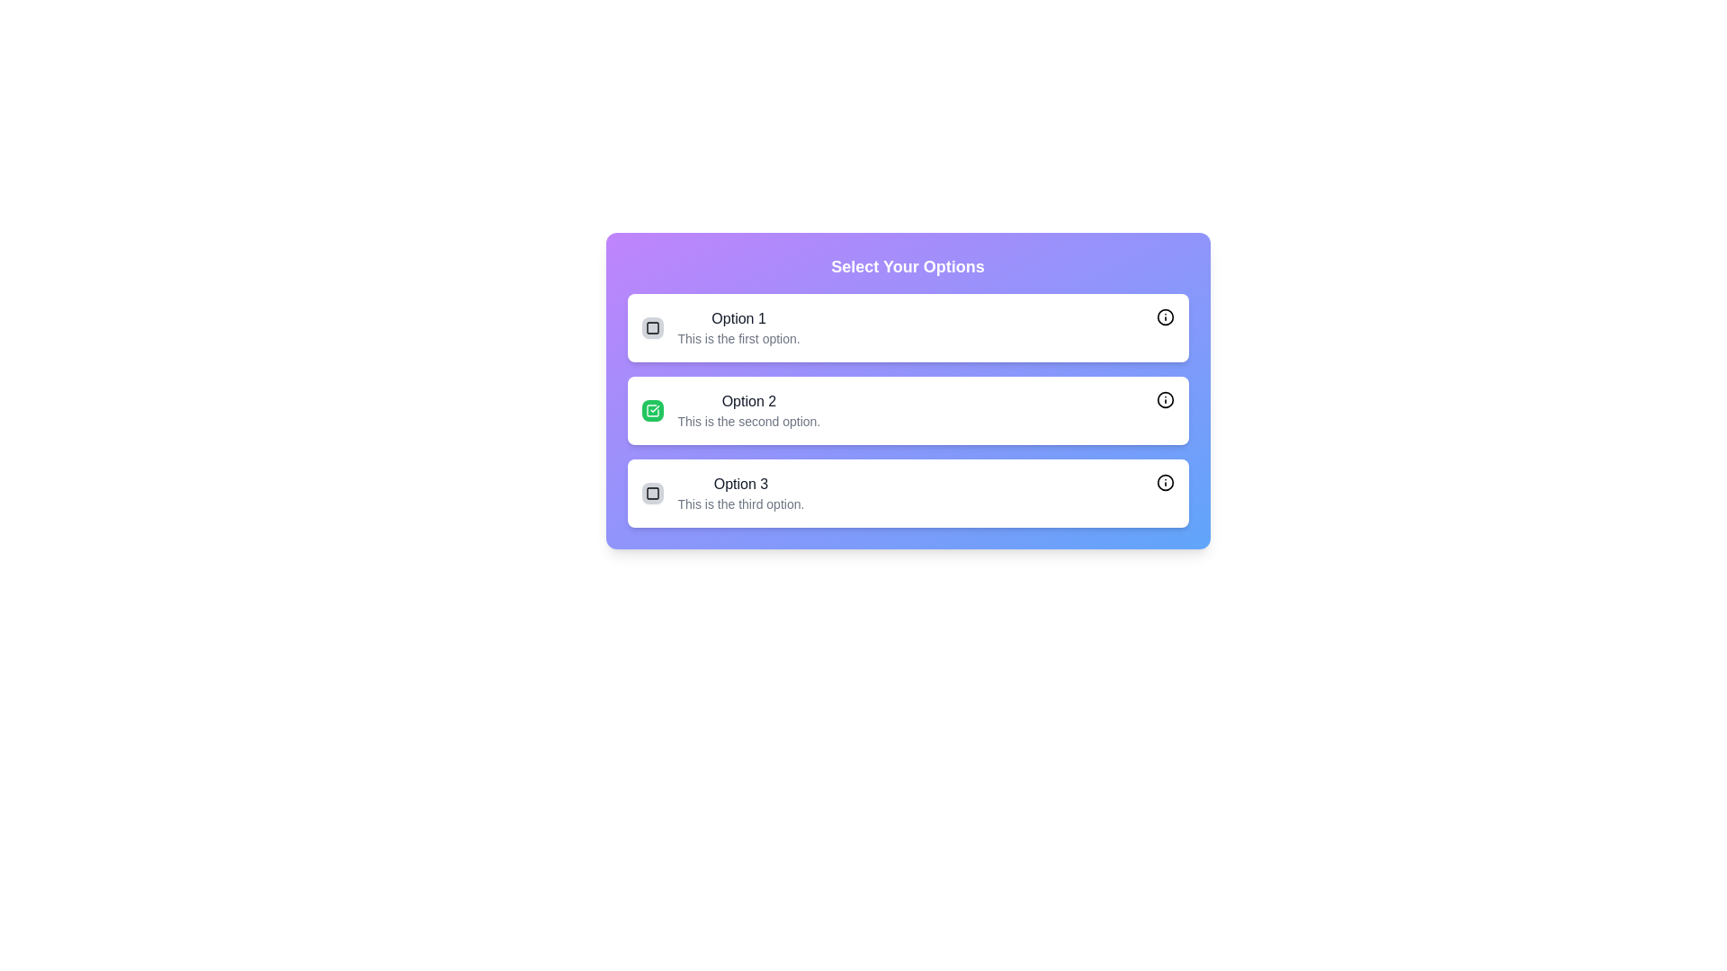 The image size is (1727, 971). I want to click on text label that contains the content 'This is the first option.' which is styled in light gray and located directly below 'Option 1' in the topmost option card, so click(738, 339).